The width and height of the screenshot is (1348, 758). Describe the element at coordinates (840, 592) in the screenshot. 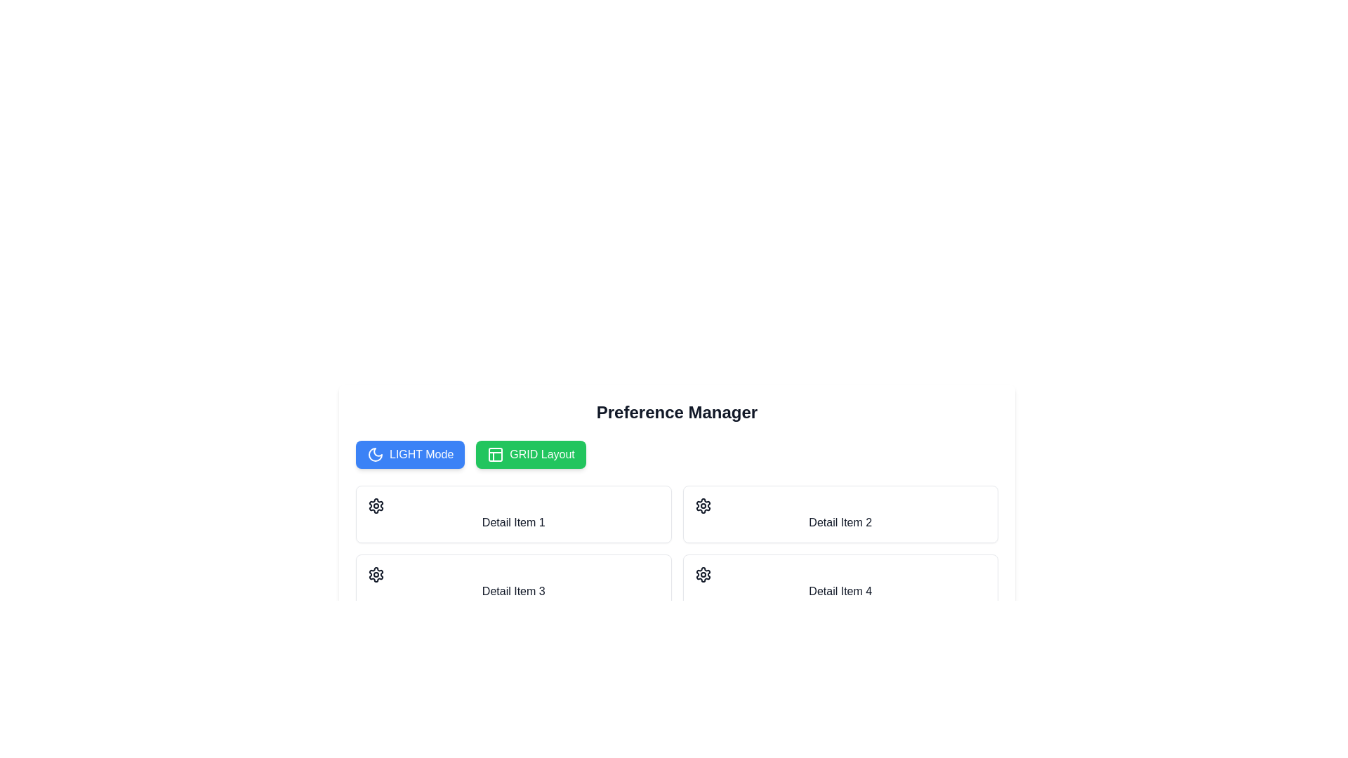

I see `the text label located at the bottom of the fourth item in the grid layout under the 'Preference Manager' section, which serves as a title or identifier for its associated grid item` at that location.